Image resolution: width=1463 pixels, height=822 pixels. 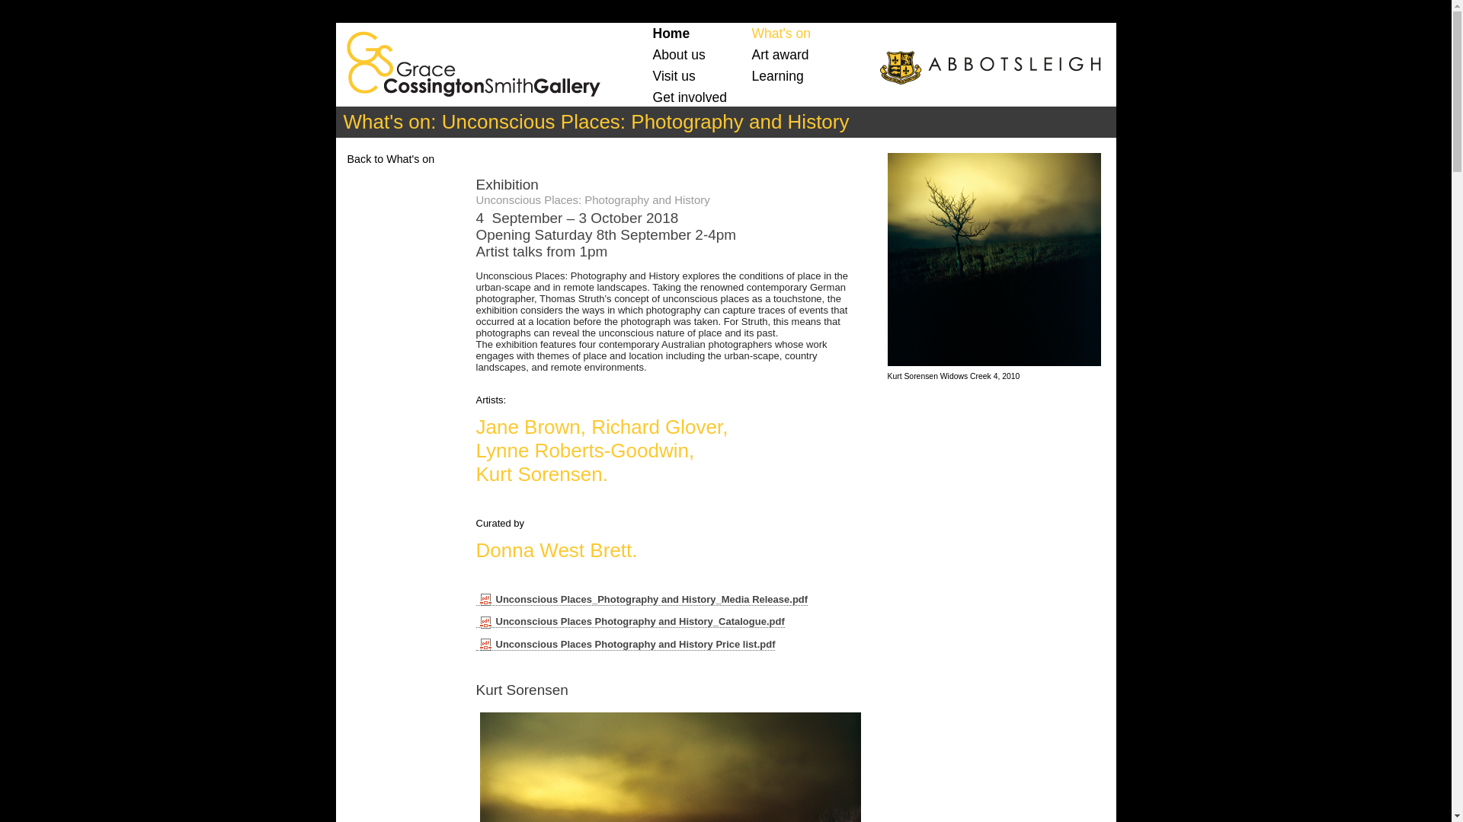 I want to click on 'Art award', so click(x=780, y=54).